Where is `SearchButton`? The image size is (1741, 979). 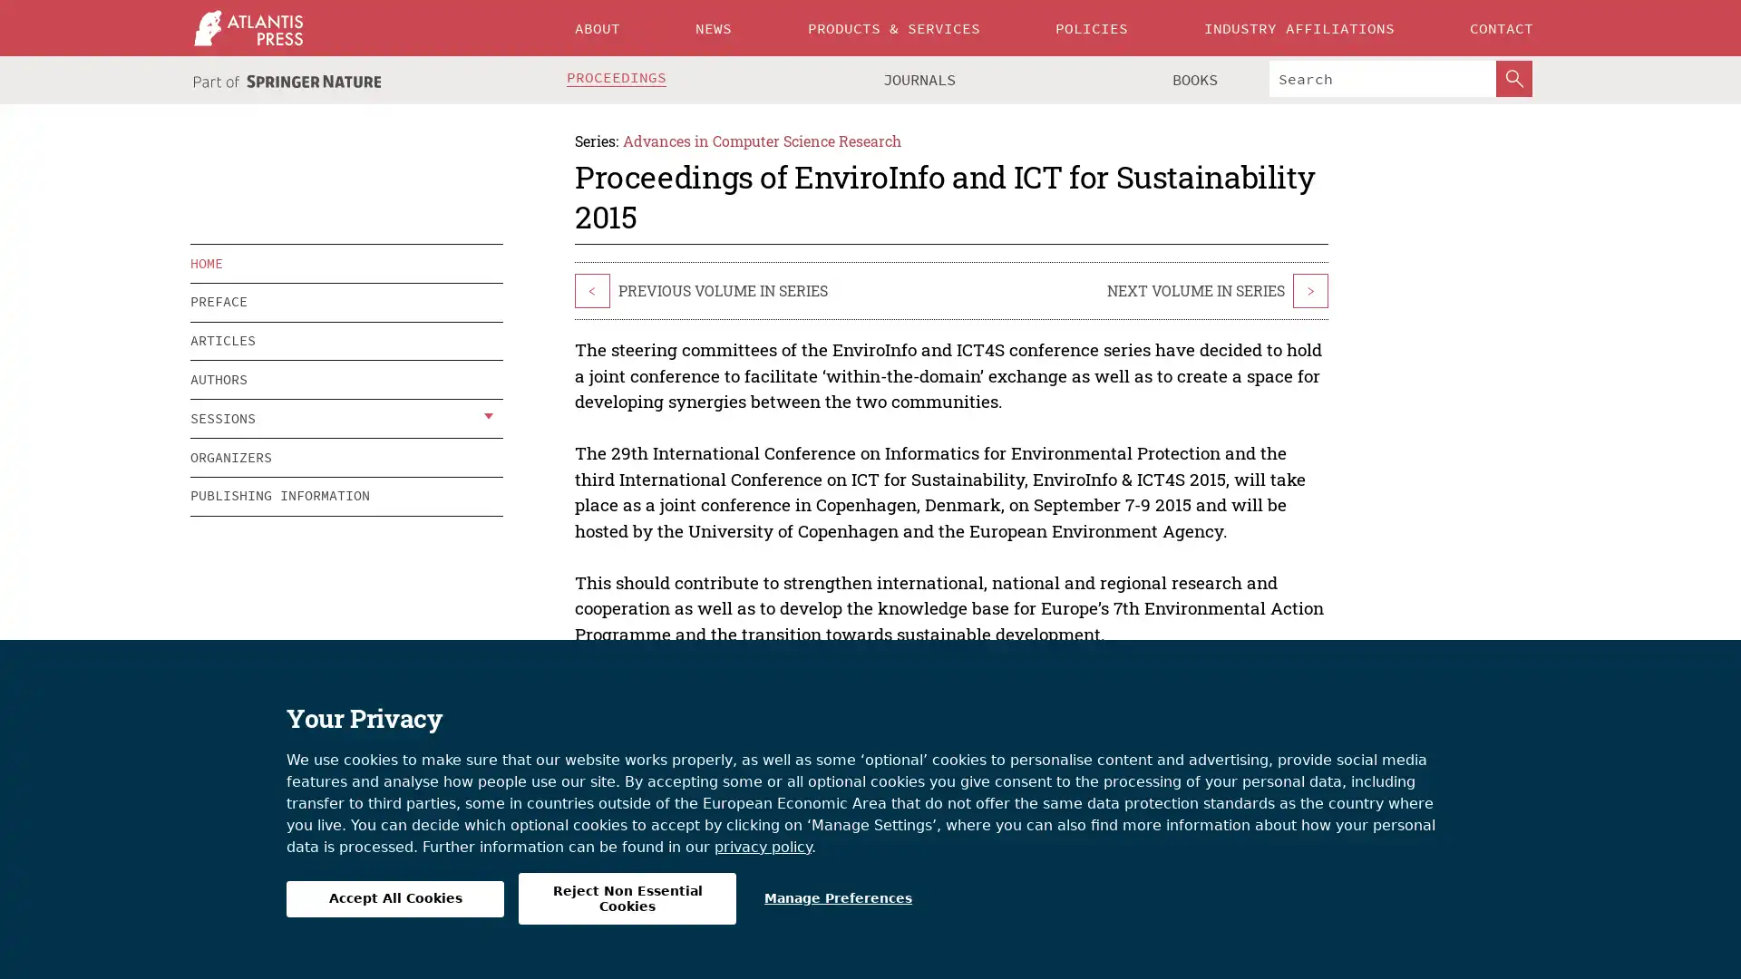
SearchButton is located at coordinates (1514, 78).